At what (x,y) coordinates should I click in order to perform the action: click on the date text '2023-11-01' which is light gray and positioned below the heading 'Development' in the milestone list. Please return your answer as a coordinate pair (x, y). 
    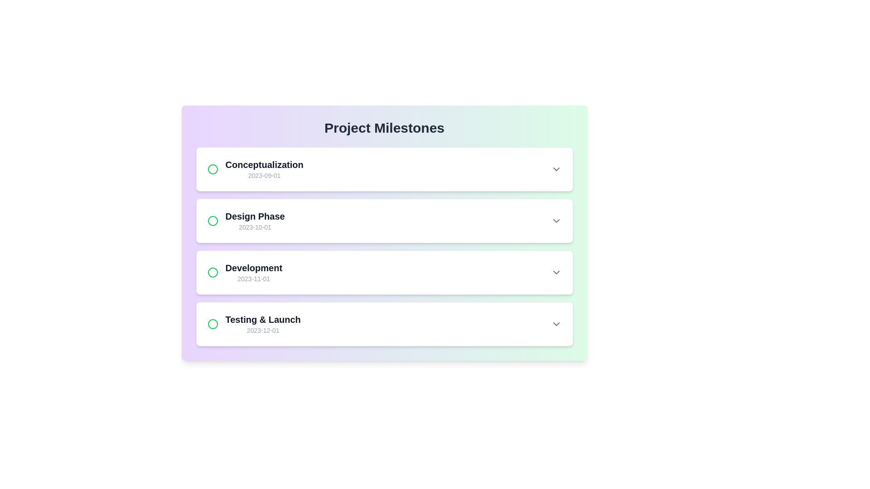
    Looking at the image, I should click on (254, 278).